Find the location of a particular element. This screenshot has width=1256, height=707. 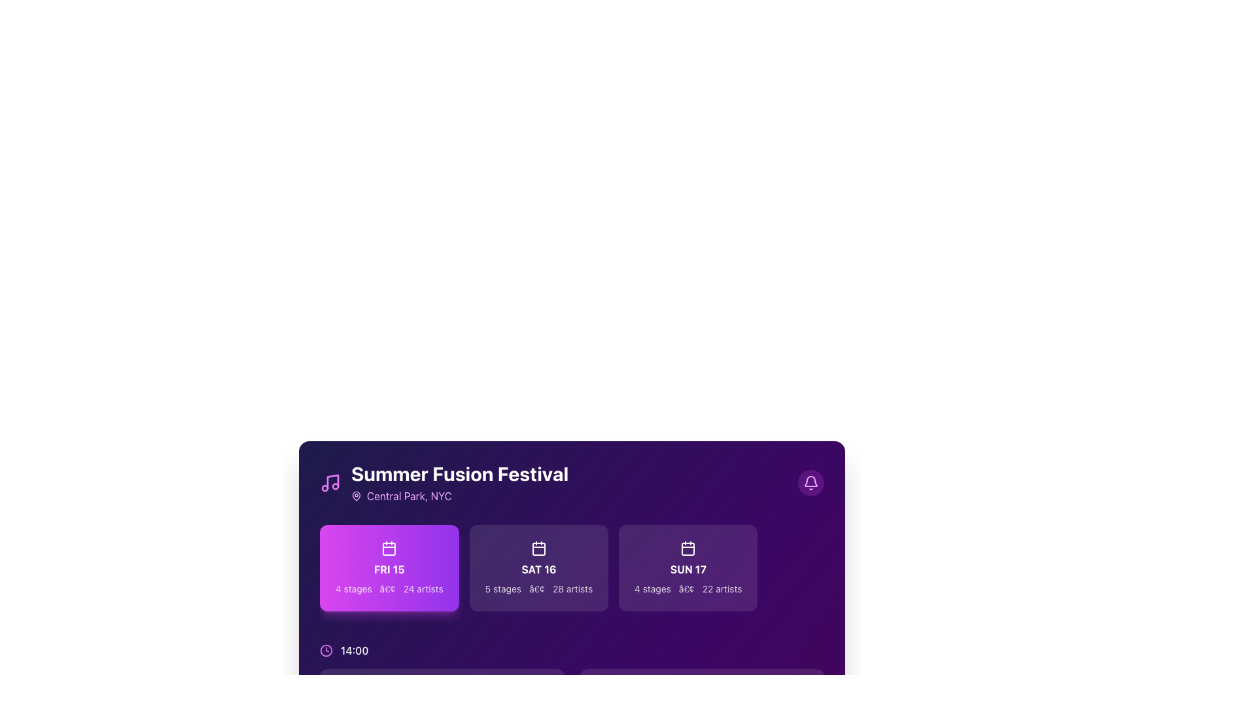

the card component displaying the date 'SAT 16', which is the second card in a set of three, with a purple gradient background and details about '5 stages' and '28 artists' is located at coordinates (572, 550).